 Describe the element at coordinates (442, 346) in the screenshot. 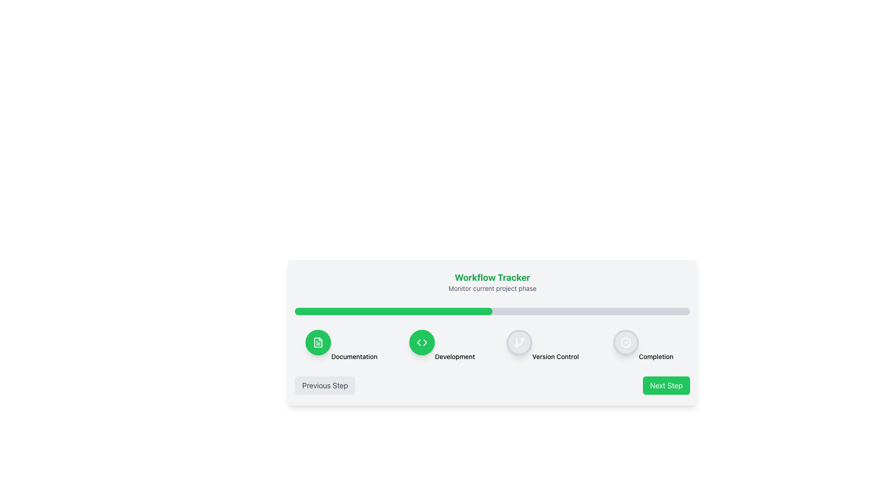

I see `the 'Development' step visual indicator in the structured workflow` at that location.